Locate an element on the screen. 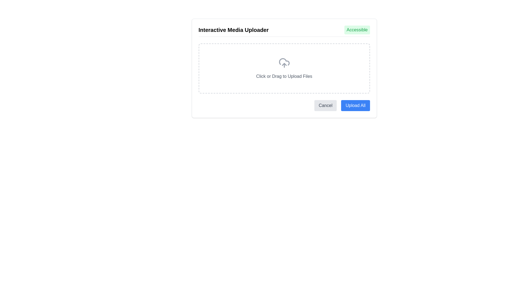 Image resolution: width=529 pixels, height=297 pixels. the green static text label that contains the text 'Accessible', located at the top-right corner of the 'Interactive Media Uploader' section is located at coordinates (357, 30).